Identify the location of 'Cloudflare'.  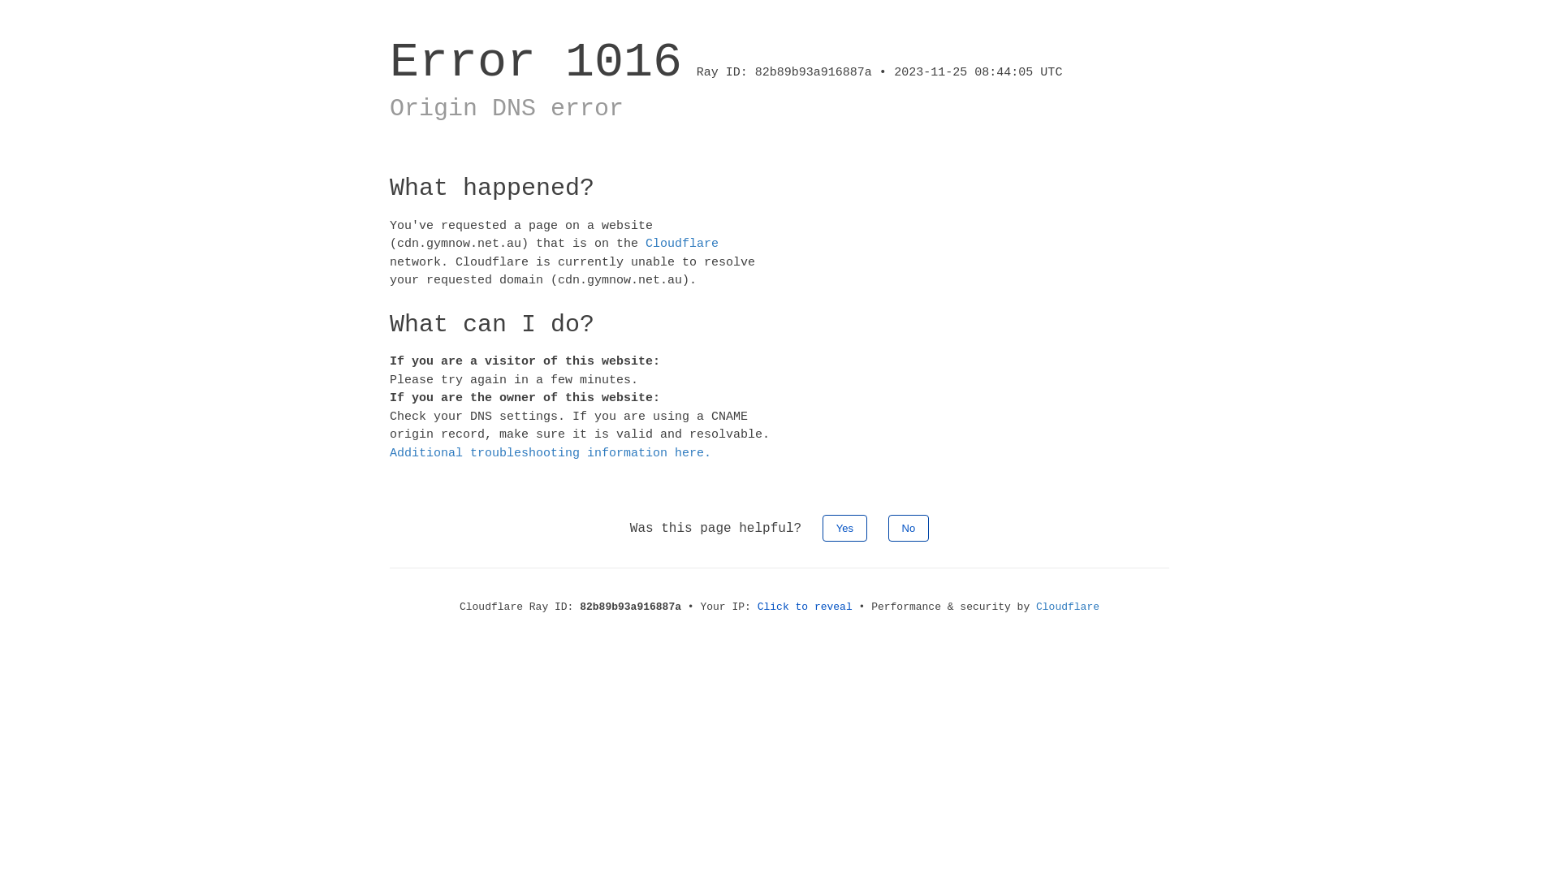
(682, 244).